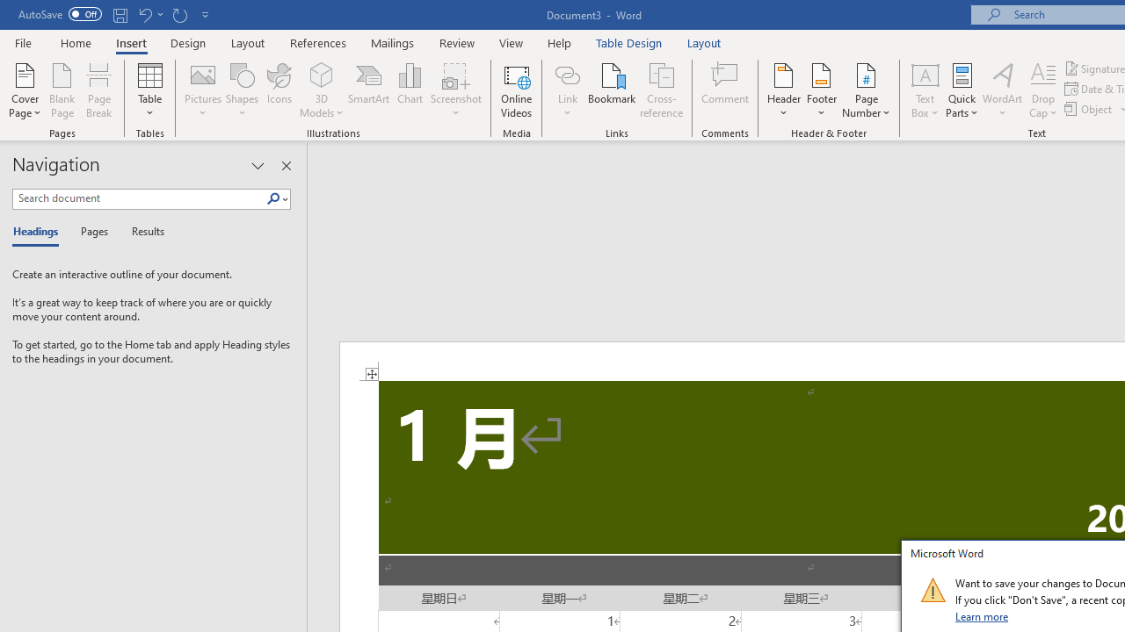 The height and width of the screenshot is (632, 1125). Describe the element at coordinates (98, 90) in the screenshot. I see `'Page Break'` at that location.